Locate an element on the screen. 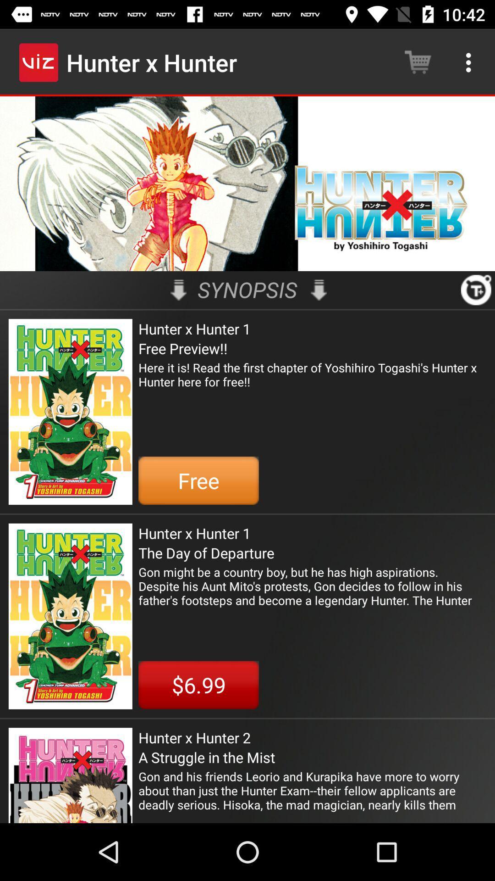 The width and height of the screenshot is (495, 881). here it is icon is located at coordinates (312, 382).